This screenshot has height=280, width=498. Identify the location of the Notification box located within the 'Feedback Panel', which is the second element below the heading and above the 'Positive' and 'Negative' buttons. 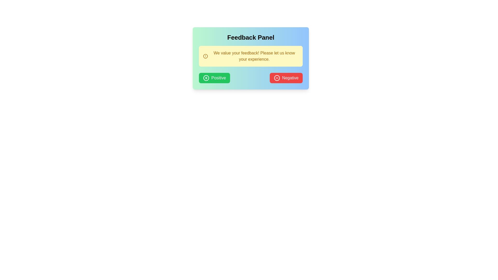
(251, 56).